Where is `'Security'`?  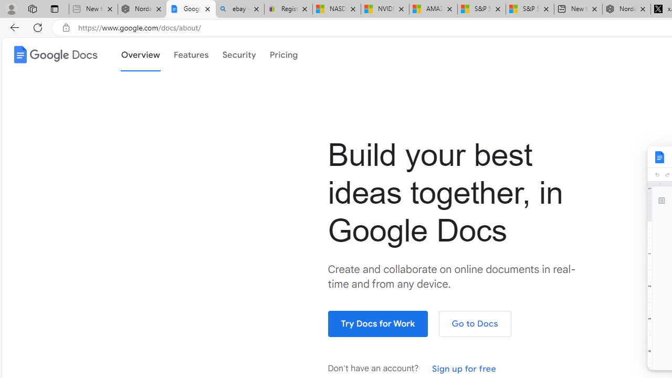
'Security' is located at coordinates (238, 55).